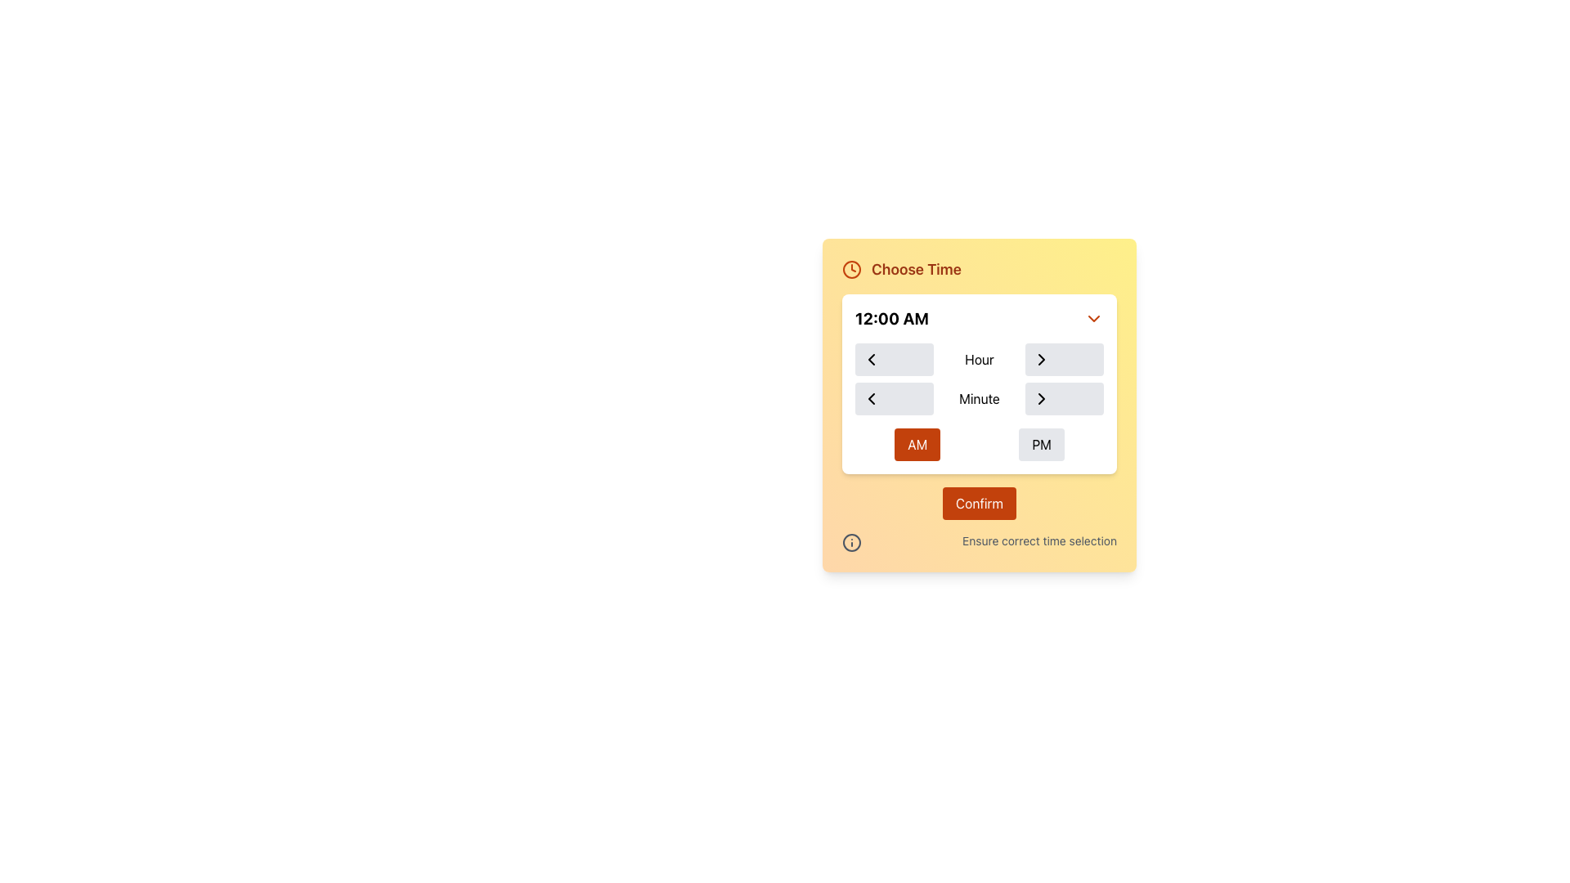 Image resolution: width=1570 pixels, height=883 pixels. What do you see at coordinates (850, 269) in the screenshot?
I see `the orange clock icon located on the left side of the 'Choose Time' label, which features a minimalist design with two clock hands and a circular outline` at bounding box center [850, 269].